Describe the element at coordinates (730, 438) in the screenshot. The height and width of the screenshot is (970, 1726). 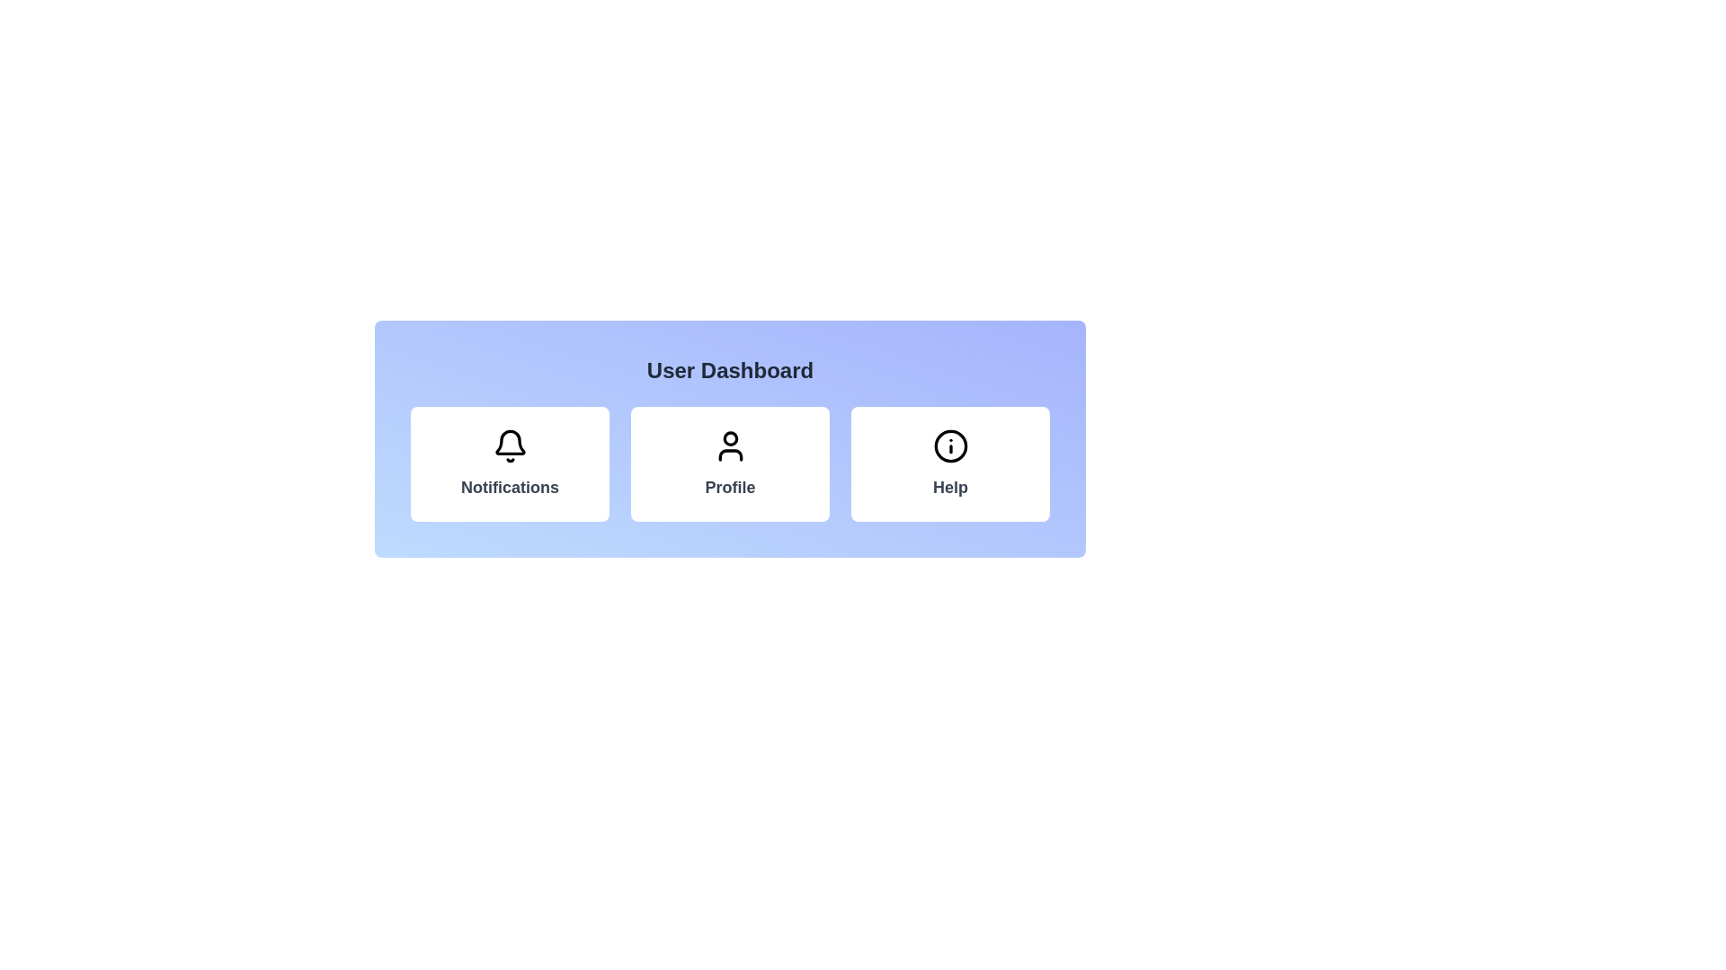
I see `the Graphical Circle that represents the head in the user profile icon, located in the Profile section of the dashboard` at that location.